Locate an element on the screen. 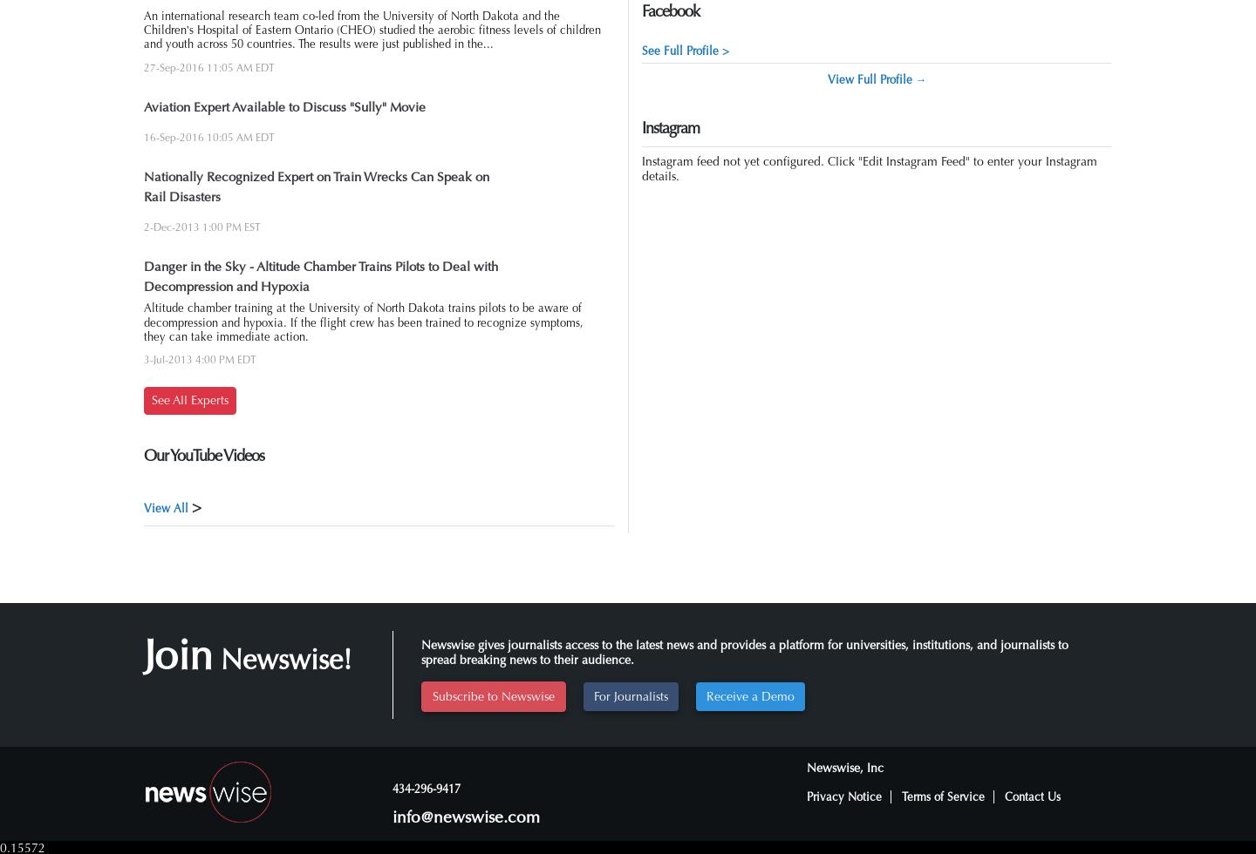  'View All' is located at coordinates (167, 507).